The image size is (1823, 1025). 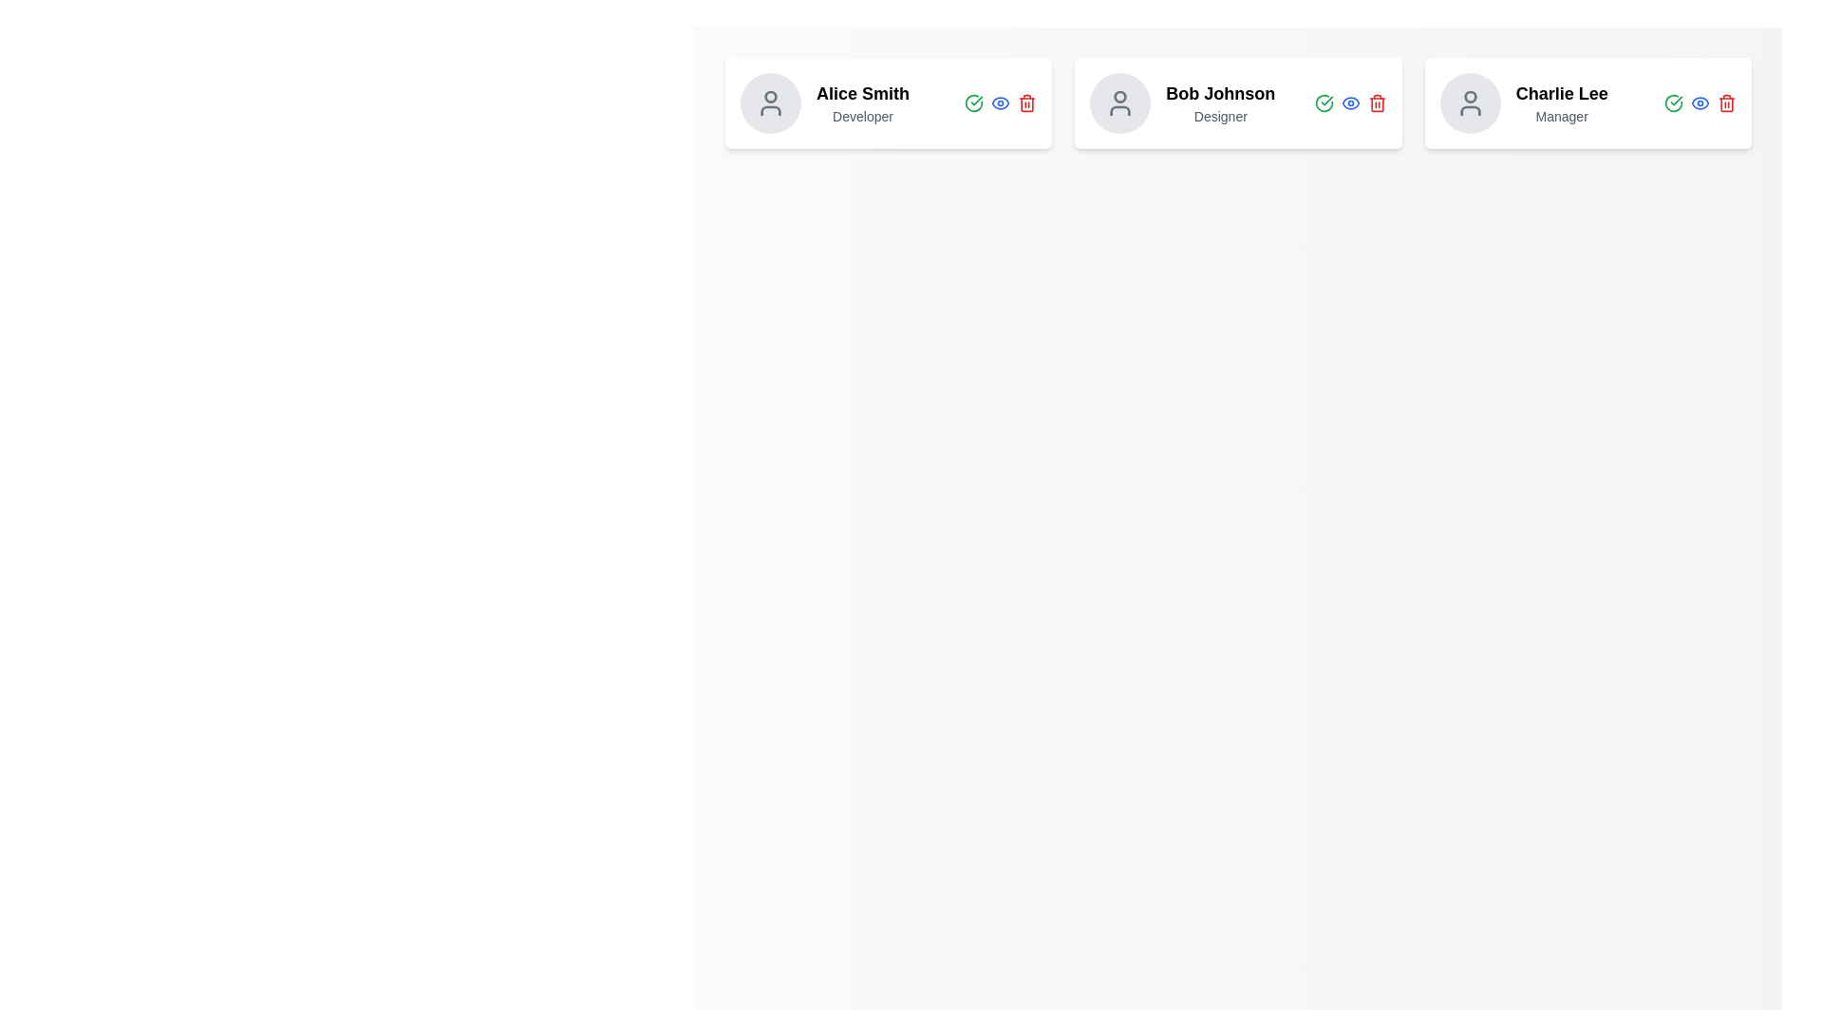 What do you see at coordinates (1026, 102) in the screenshot?
I see `the red trash bin icon representing the delete action, which is the third icon in the utility icons group beneath 'Alice Smith'` at bounding box center [1026, 102].